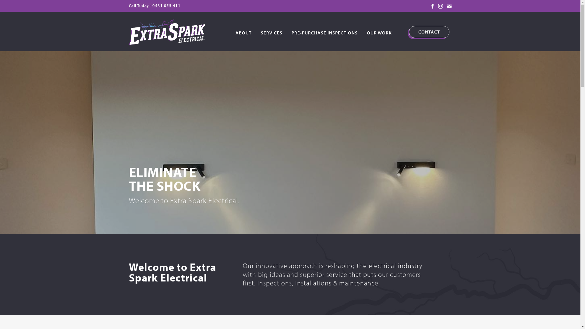 The height and width of the screenshot is (329, 585). I want to click on 'Extra_Spark_Logo_INVERSE', so click(167, 30).